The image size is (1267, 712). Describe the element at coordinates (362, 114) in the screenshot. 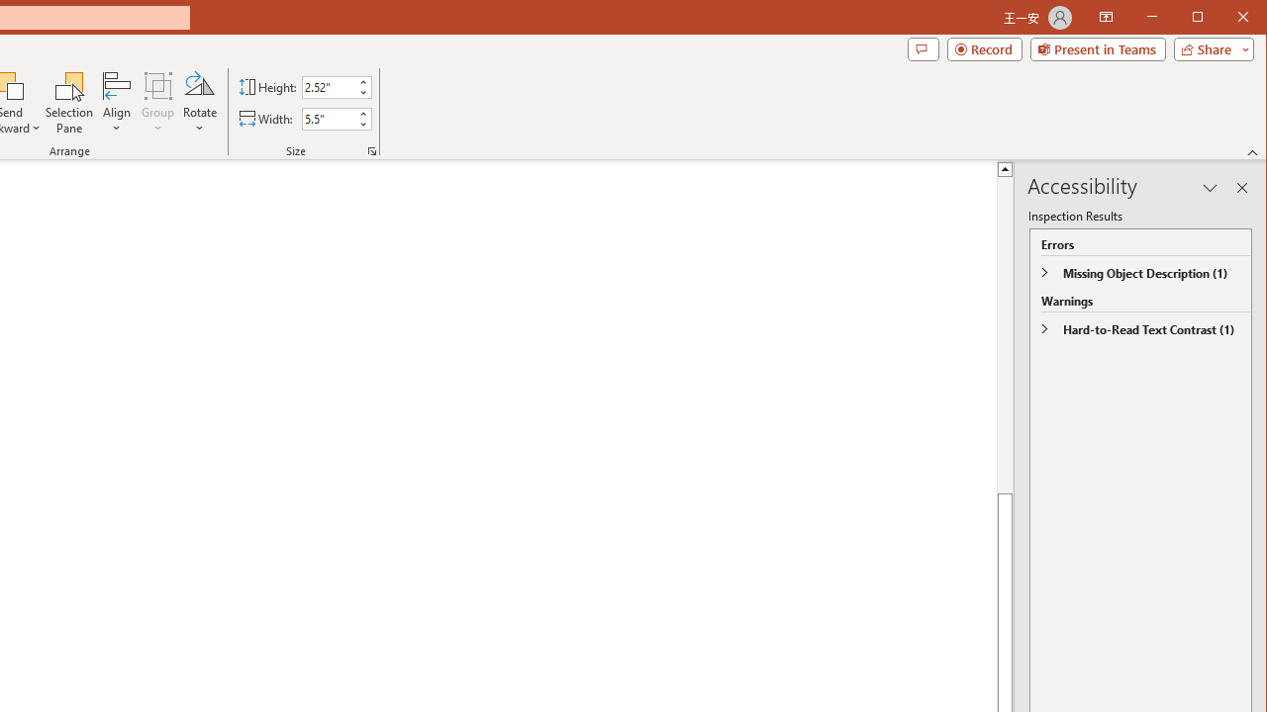

I see `'More'` at that location.